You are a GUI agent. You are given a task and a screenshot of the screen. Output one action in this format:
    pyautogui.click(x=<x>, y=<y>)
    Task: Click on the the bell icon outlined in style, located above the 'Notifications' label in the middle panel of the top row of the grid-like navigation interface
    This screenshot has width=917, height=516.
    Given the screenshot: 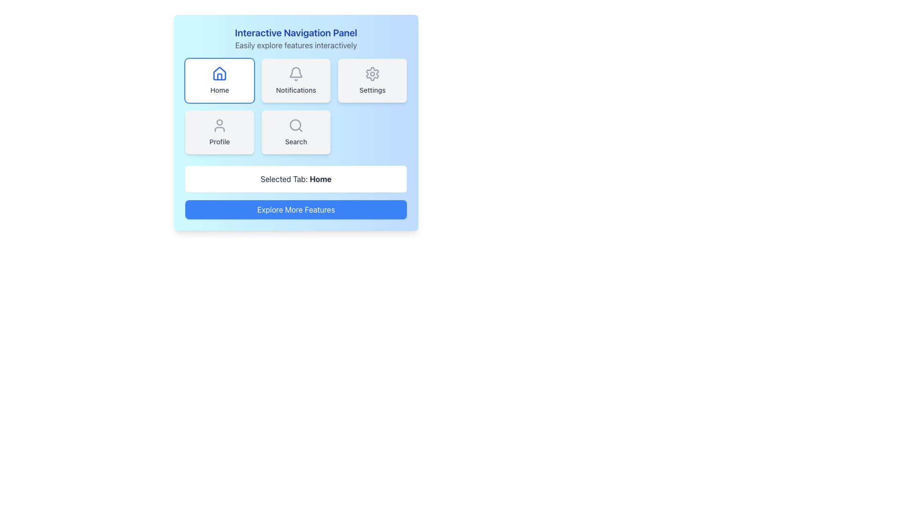 What is the action you would take?
    pyautogui.click(x=295, y=73)
    